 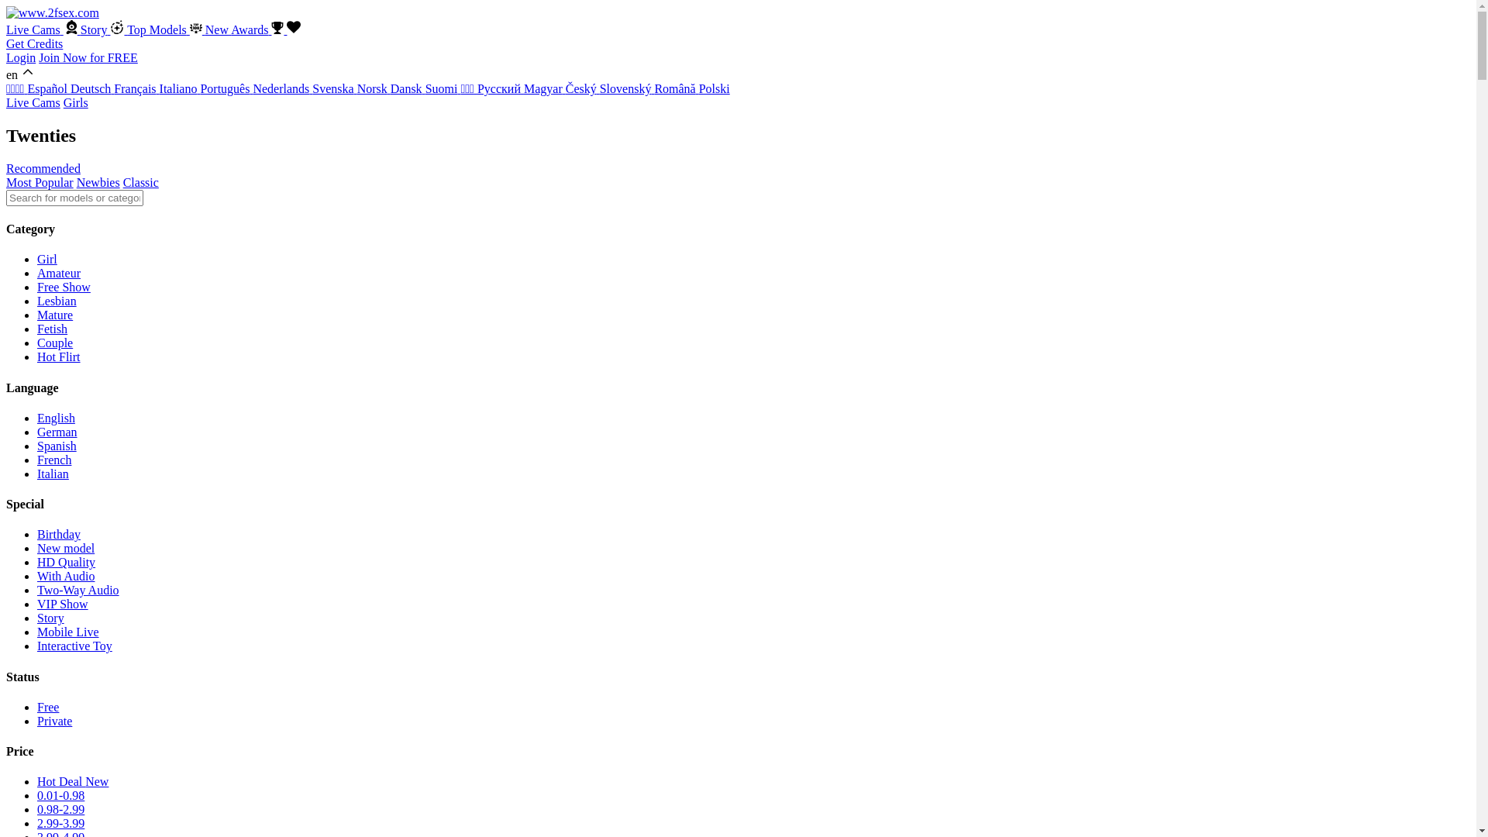 I want to click on 'Amateur', so click(x=59, y=272).